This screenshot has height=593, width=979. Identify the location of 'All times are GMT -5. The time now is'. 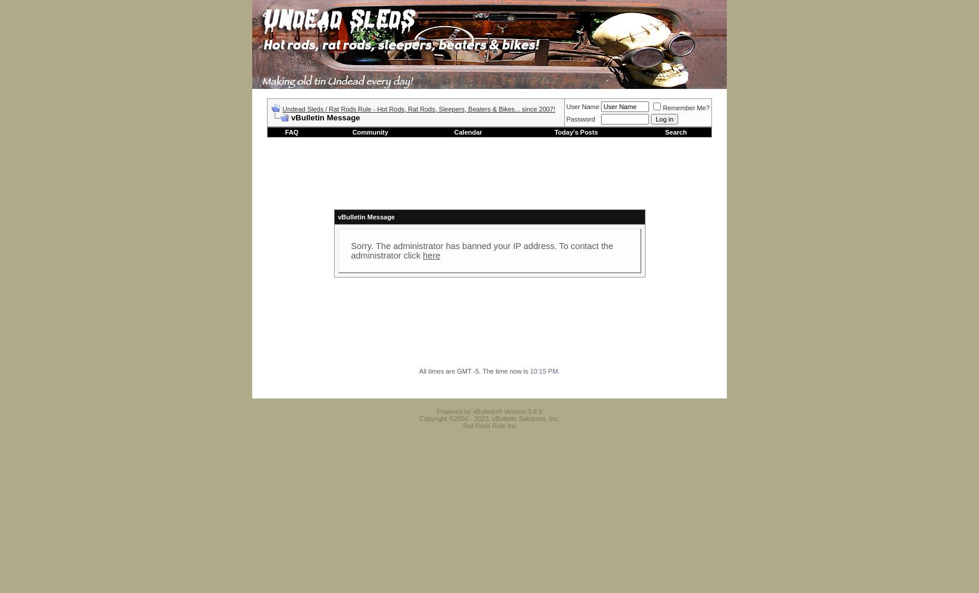
(473, 371).